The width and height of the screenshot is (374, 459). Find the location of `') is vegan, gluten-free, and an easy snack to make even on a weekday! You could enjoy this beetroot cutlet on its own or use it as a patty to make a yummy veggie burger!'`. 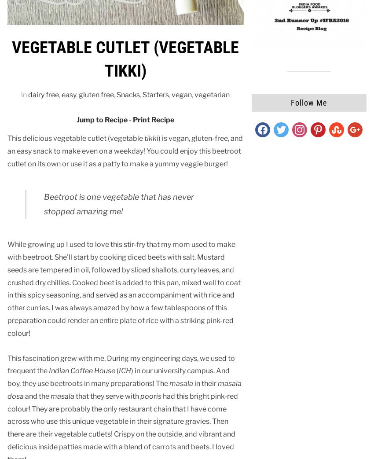

') is vegan, gluten-free, and an easy snack to make even on a weekday! You could enjoy this beetroot cutlet on its own or use it as a patty to make a yummy veggie burger!' is located at coordinates (7, 150).